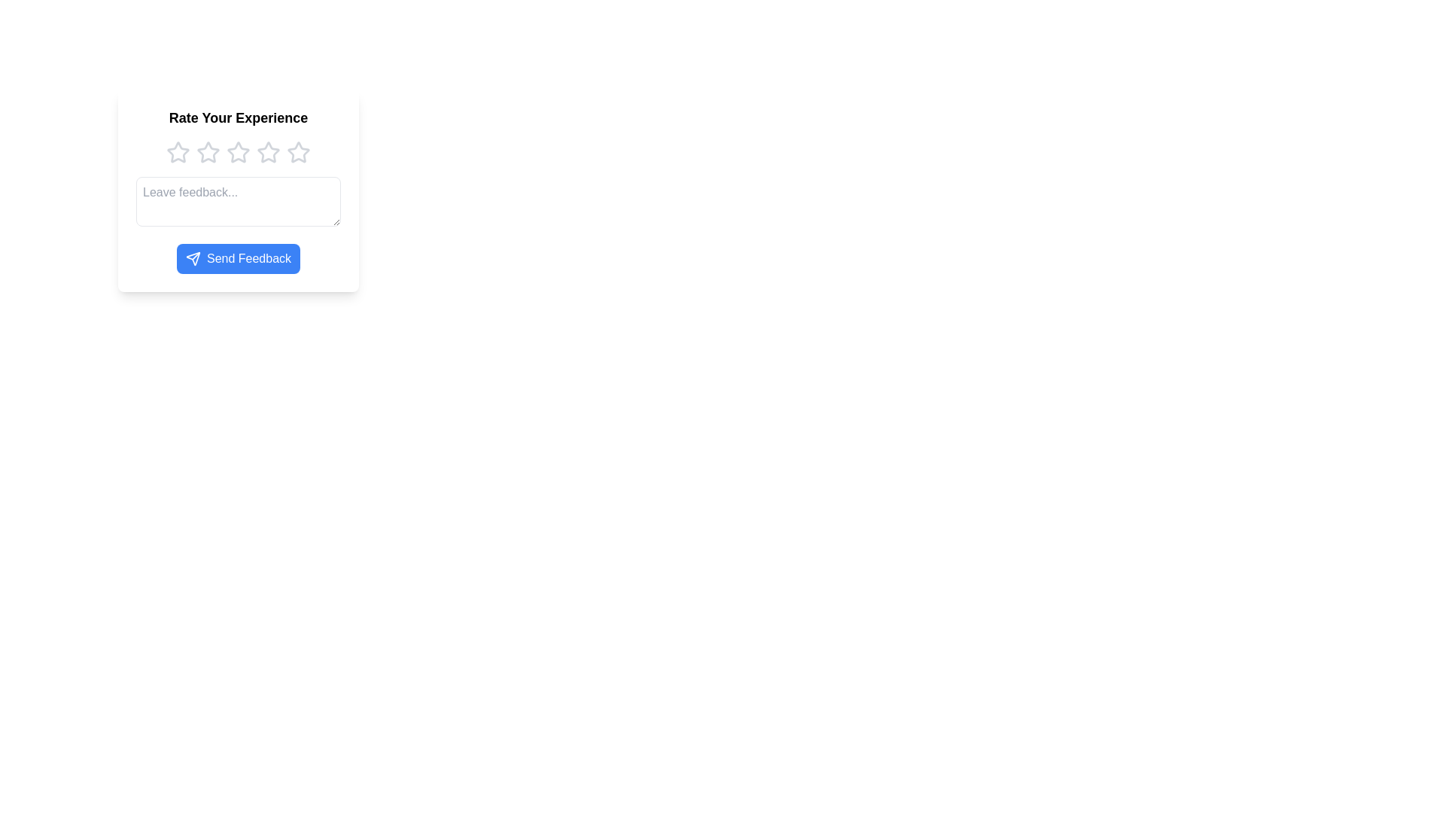 This screenshot has width=1445, height=813. What do you see at coordinates (268, 153) in the screenshot?
I see `the fourth star icon in the rating component below the text 'Rate Your Experience'` at bounding box center [268, 153].